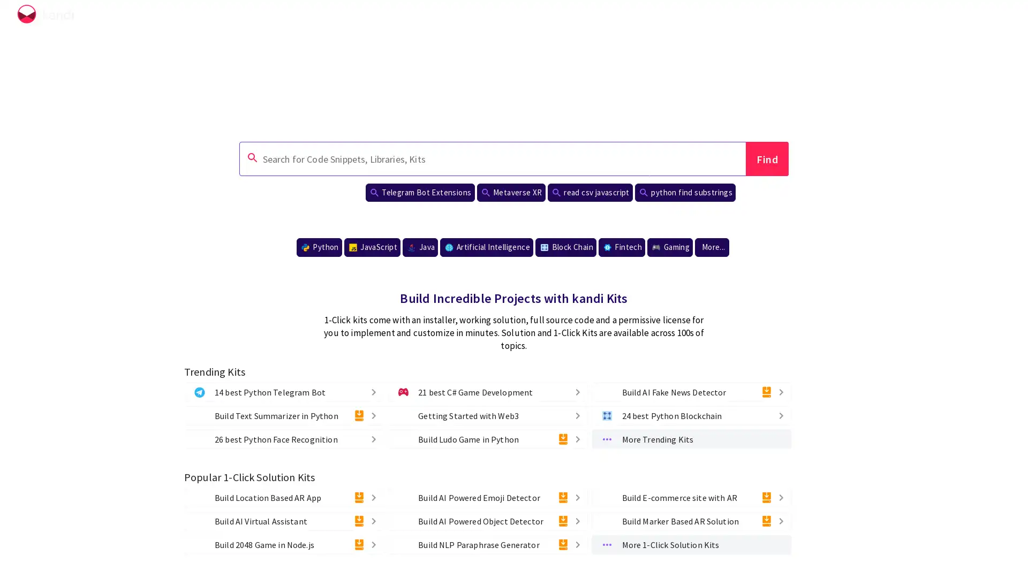 This screenshot has width=1028, height=578. I want to click on python-telegram-bot 14 best Python Telegram Bot, so click(284, 392).